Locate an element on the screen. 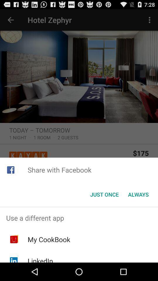 The width and height of the screenshot is (158, 281). the just once item is located at coordinates (104, 194).